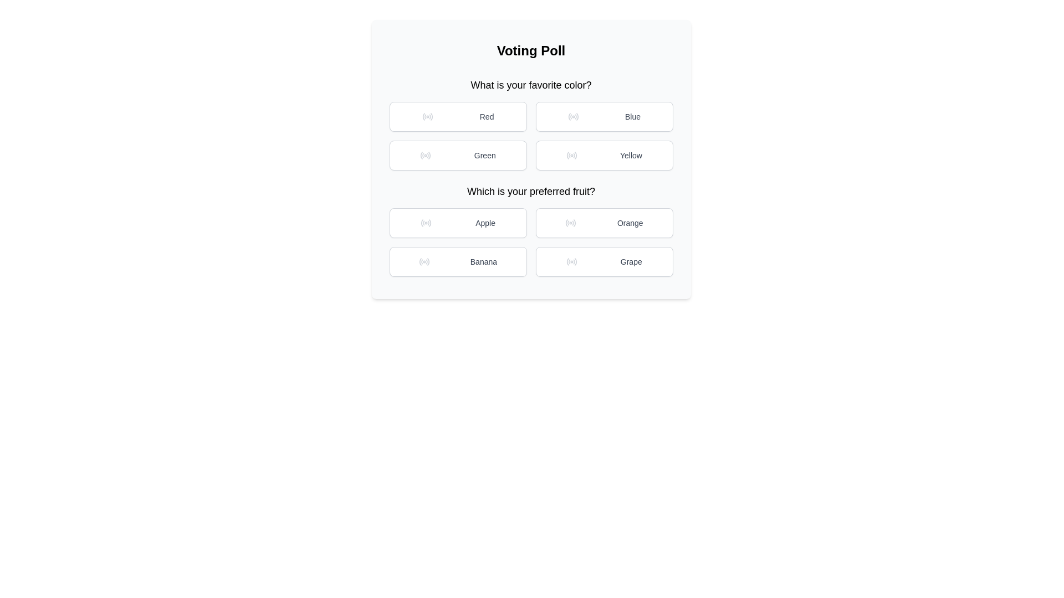 Image resolution: width=1064 pixels, height=598 pixels. Describe the element at coordinates (458, 223) in the screenshot. I see `the 'Apple' button in the fruit selection interface` at that location.